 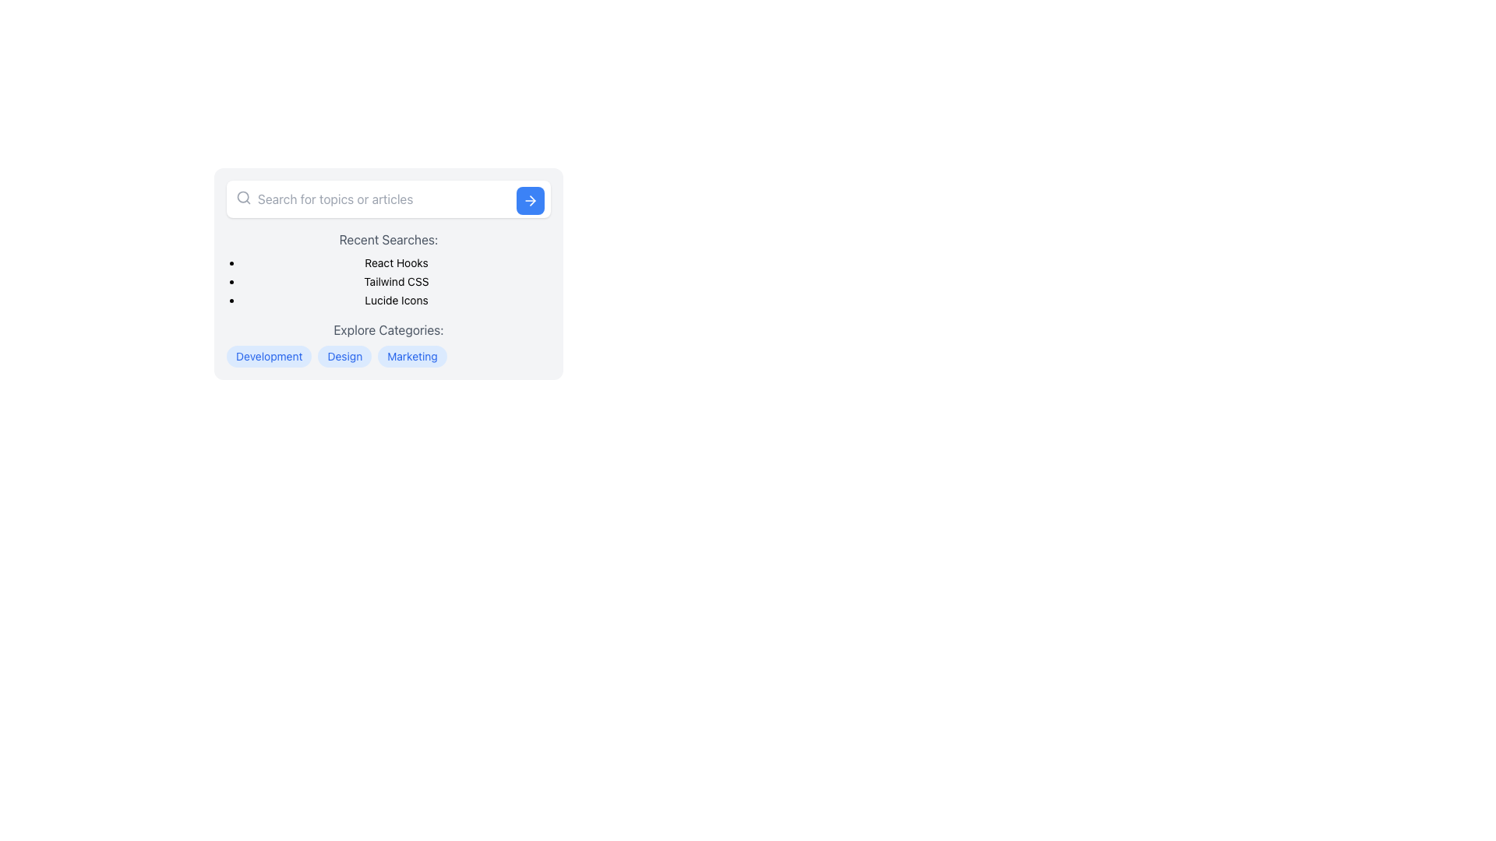 What do you see at coordinates (389, 198) in the screenshot?
I see `the rectangular text input field with a white background and gray placeholder text saying 'Search for topics or articles' to trigger the focus outline` at bounding box center [389, 198].